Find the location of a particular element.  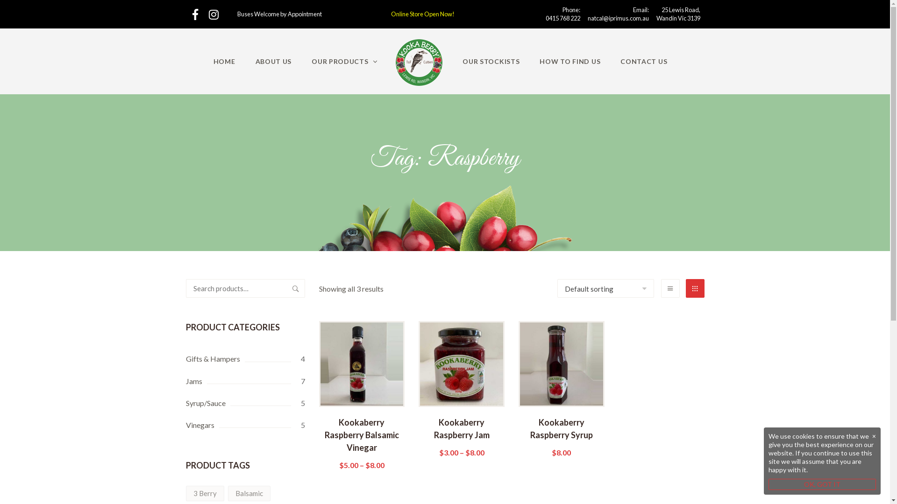

'OK, GOT IT' is located at coordinates (822, 483).